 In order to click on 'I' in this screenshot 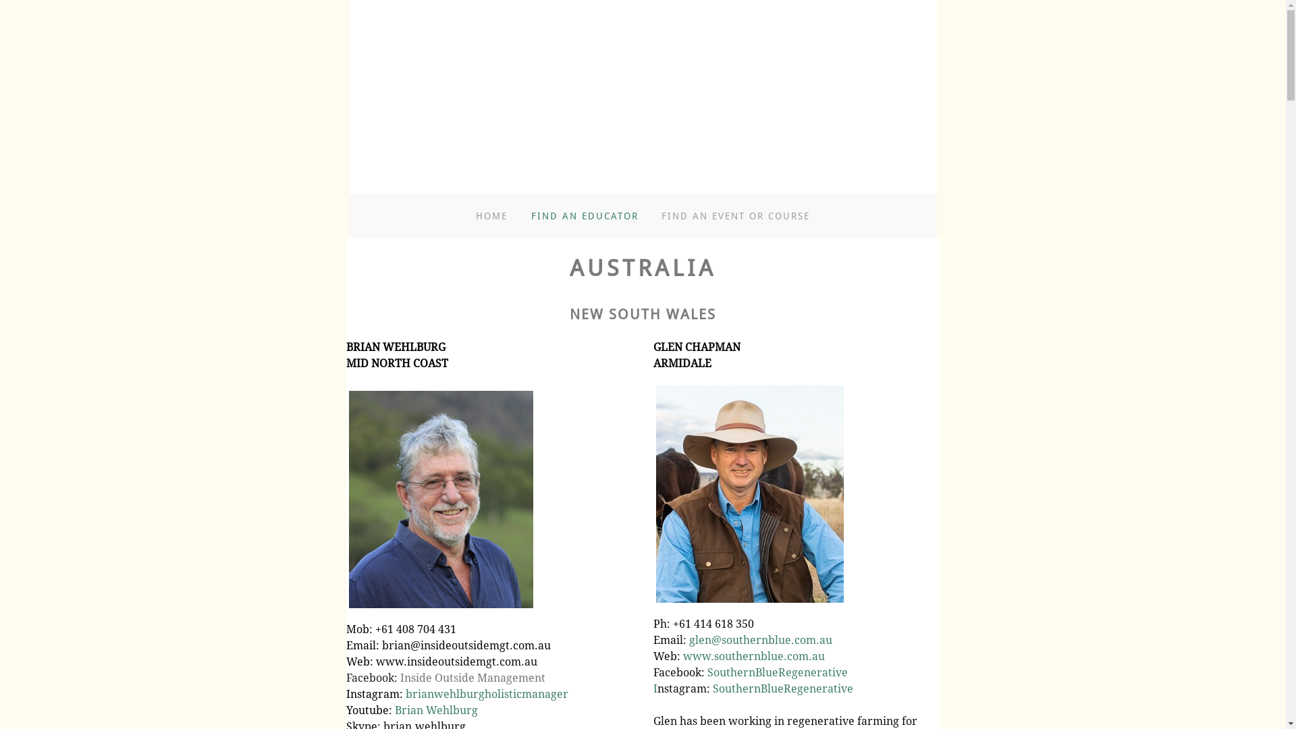, I will do `click(653, 688)`.